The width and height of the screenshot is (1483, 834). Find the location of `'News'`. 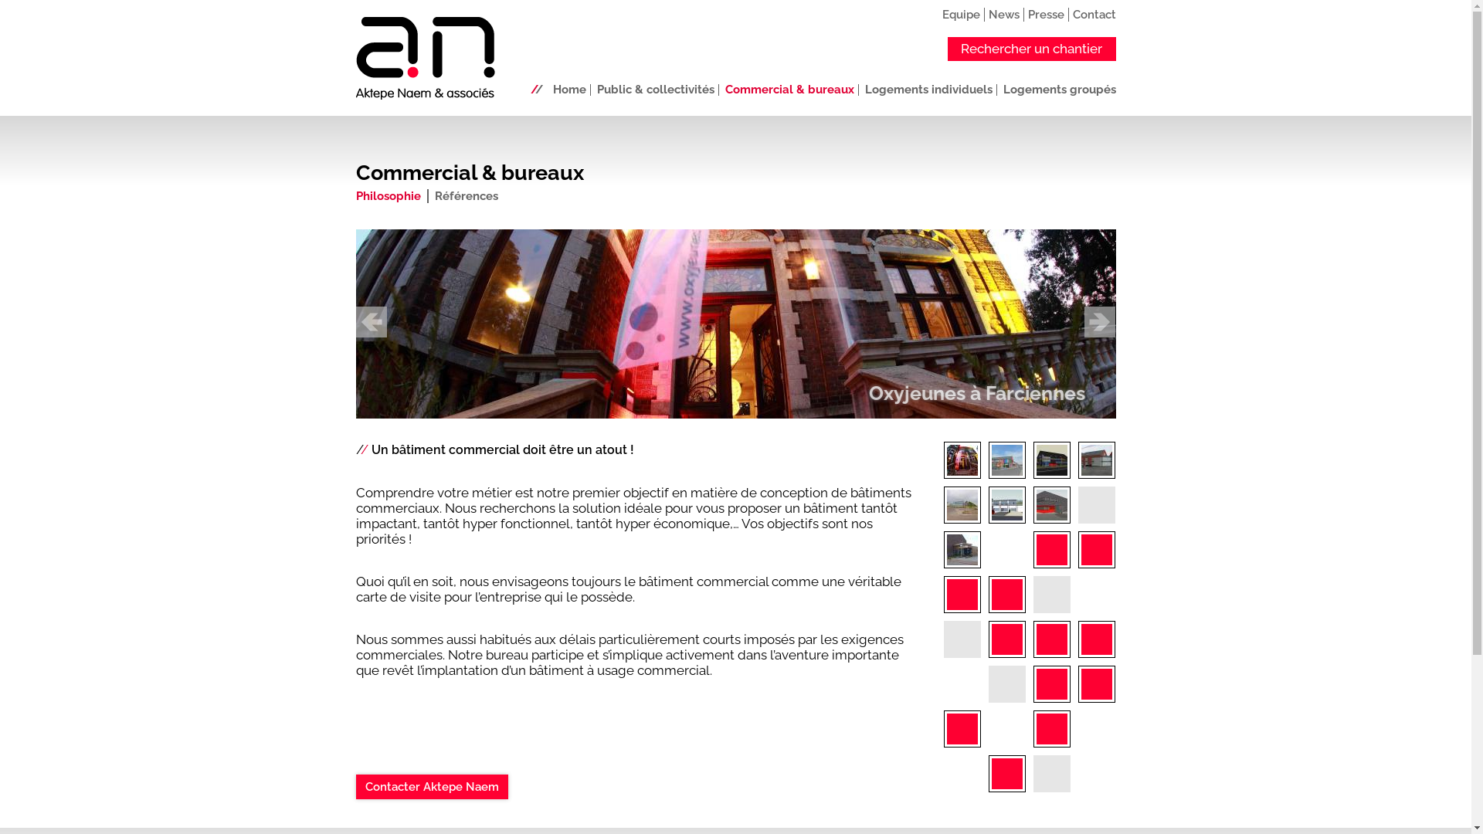

'News' is located at coordinates (1004, 14).